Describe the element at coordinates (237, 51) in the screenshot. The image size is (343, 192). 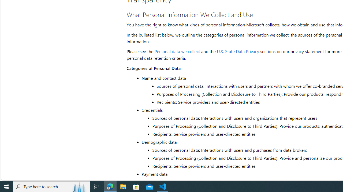
I see `'U.S. State Data Privacy'` at that location.